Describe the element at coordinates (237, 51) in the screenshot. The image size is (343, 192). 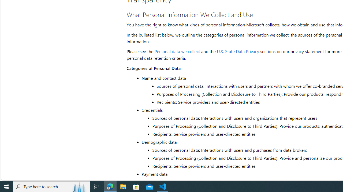
I see `'U.S. State Data Privacy'` at that location.